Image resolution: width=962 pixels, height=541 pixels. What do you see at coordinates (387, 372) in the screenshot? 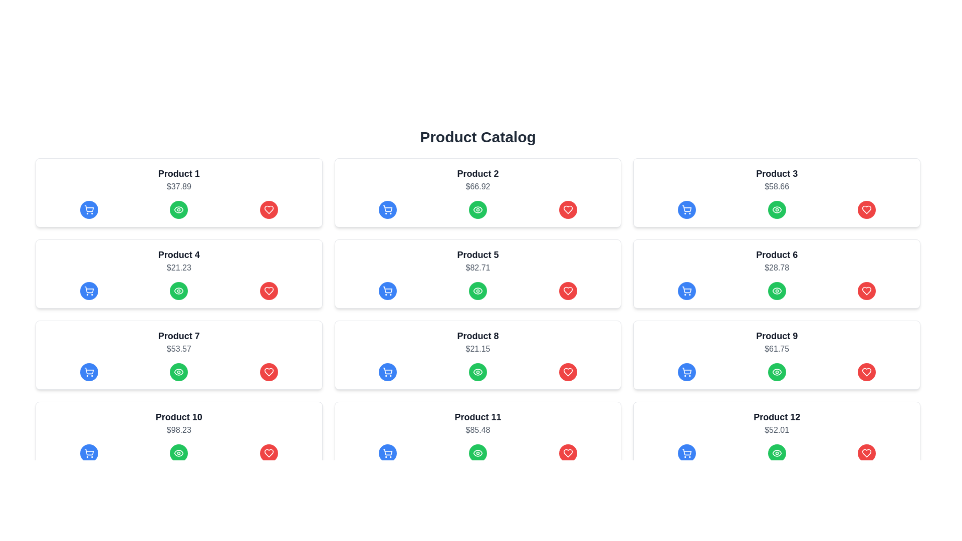
I see `the shopping cart icon with a blue circular background located in the action button group of the product card labeled 'Product 8' to initiate an add-to-cart action` at bounding box center [387, 372].